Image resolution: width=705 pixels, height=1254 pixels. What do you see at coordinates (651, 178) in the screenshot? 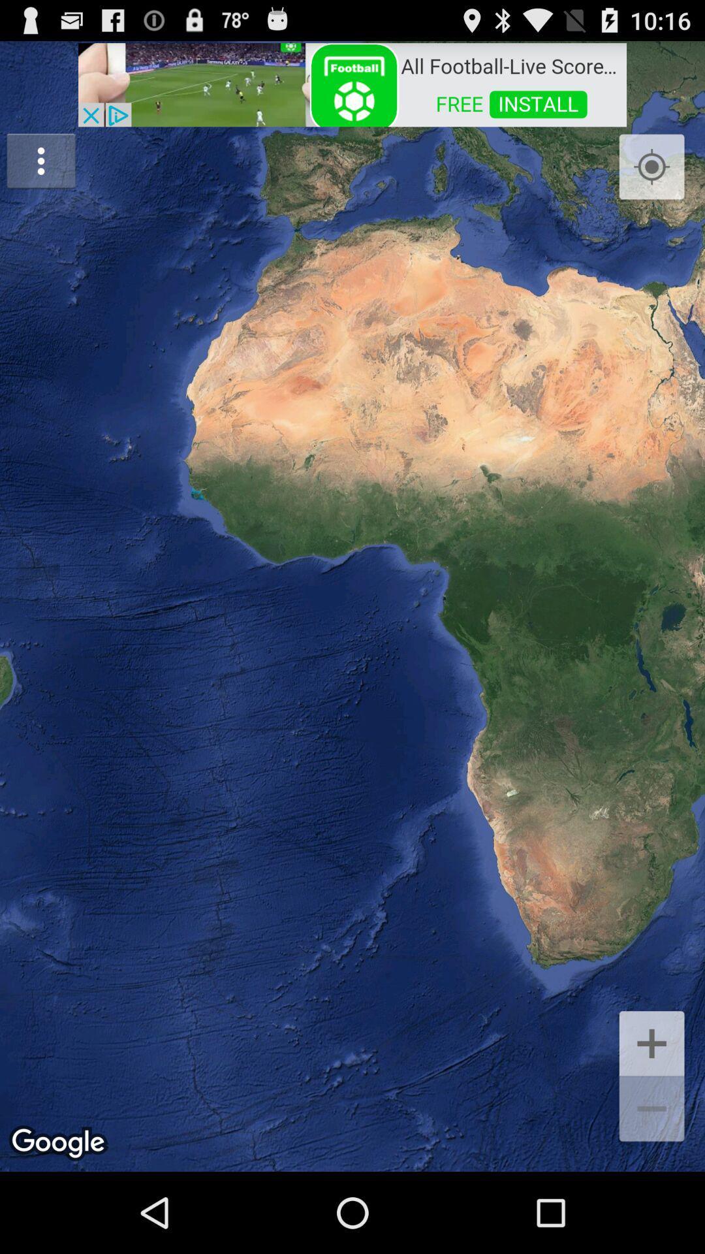
I see `the location_crosshair icon` at bounding box center [651, 178].